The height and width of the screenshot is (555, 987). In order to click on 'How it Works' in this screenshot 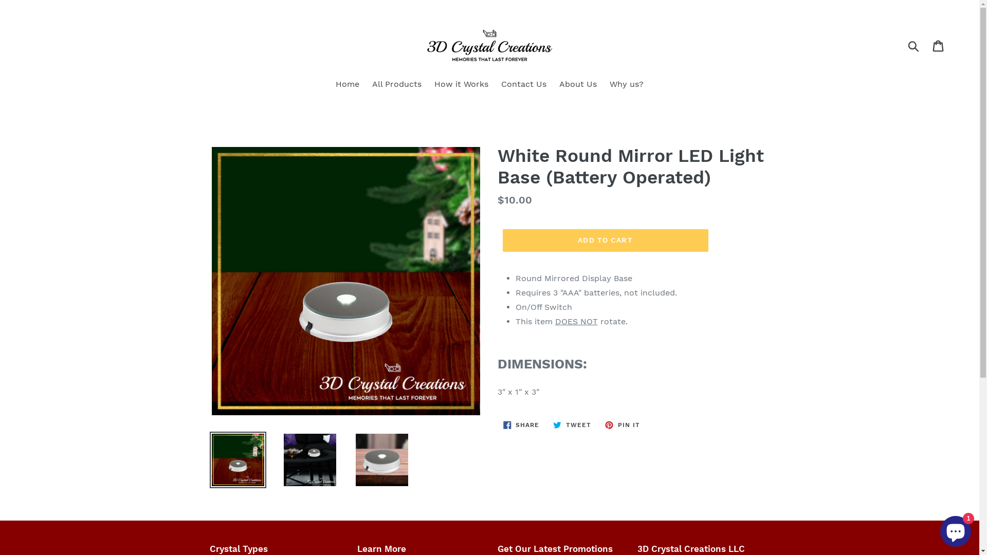, I will do `click(429, 84)`.